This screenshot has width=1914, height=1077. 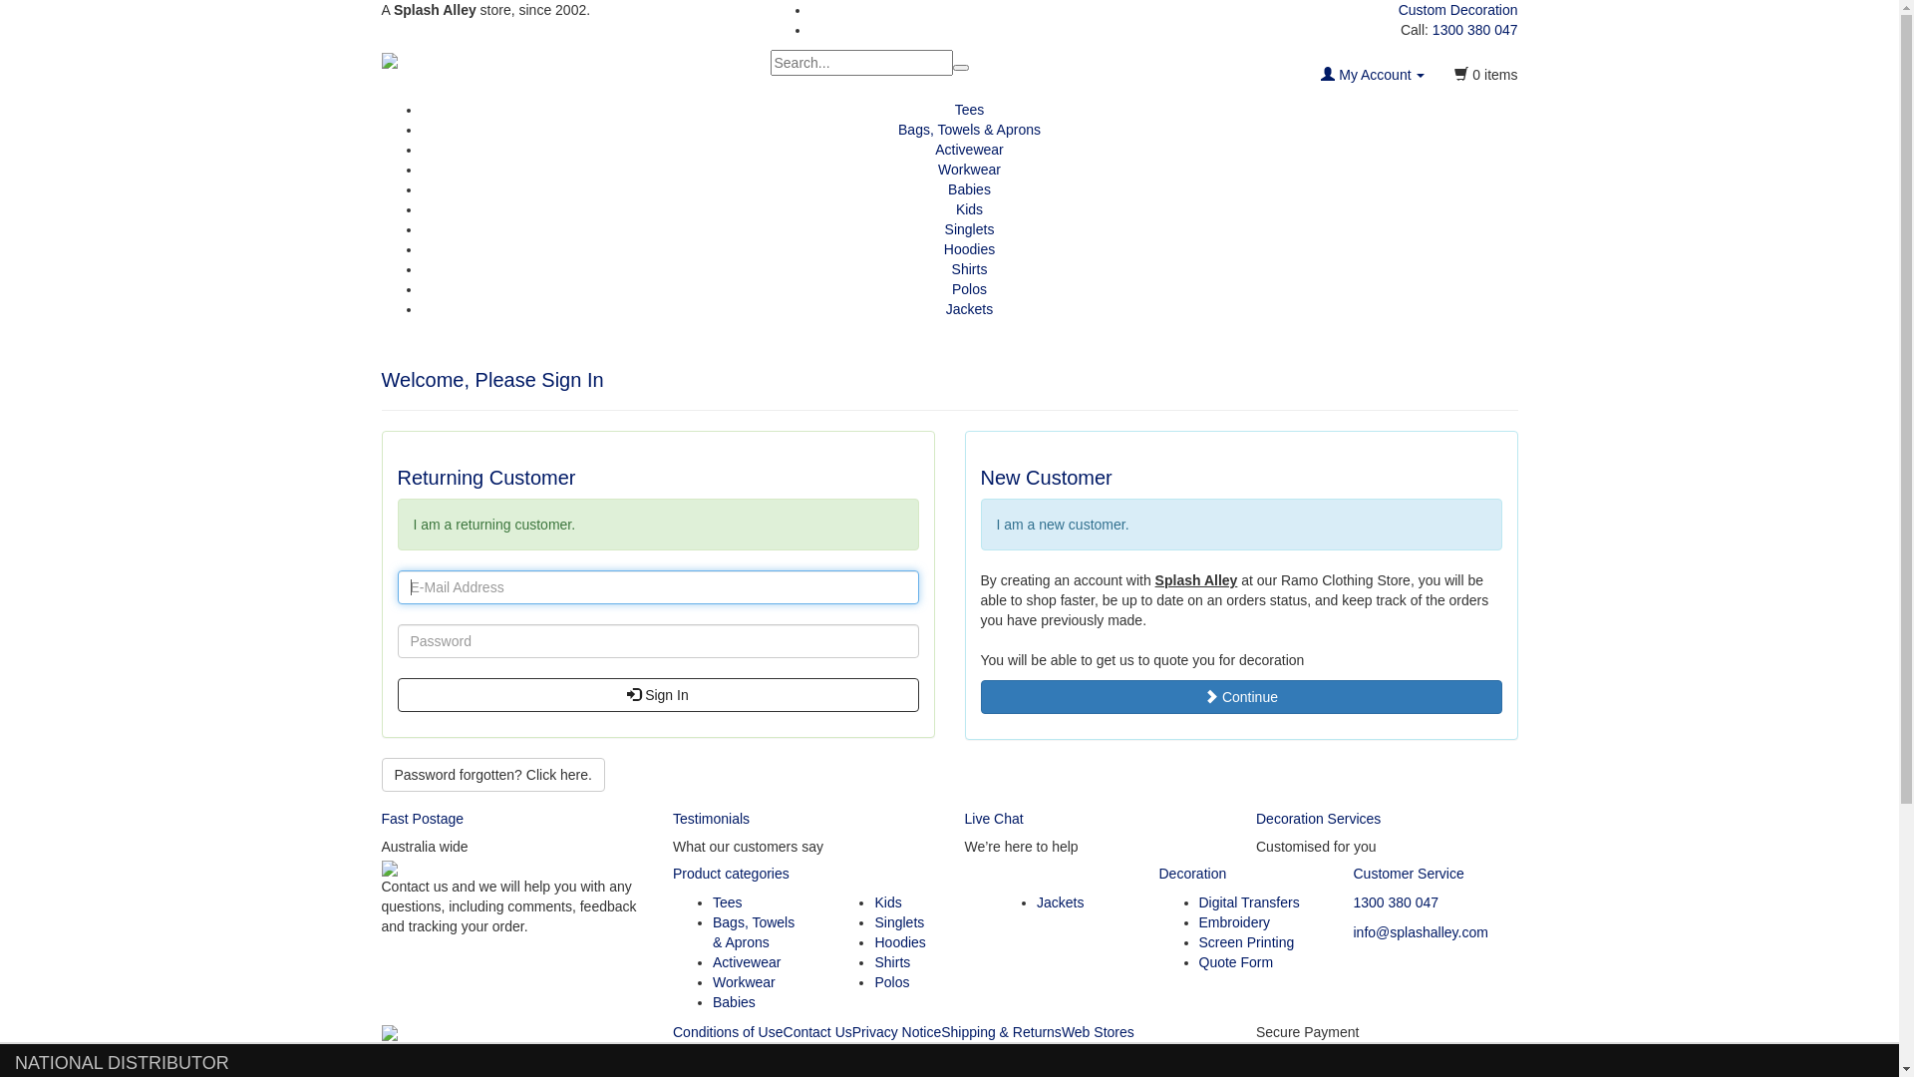 What do you see at coordinates (1196, 922) in the screenshot?
I see `'Embroidery'` at bounding box center [1196, 922].